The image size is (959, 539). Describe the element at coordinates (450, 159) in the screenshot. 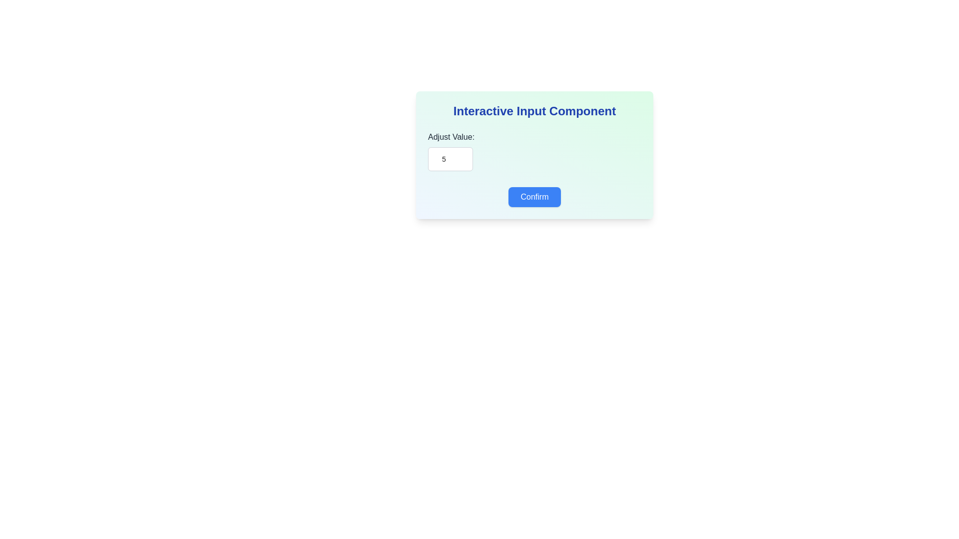

I see `the numeric input field displaying the number '5' to focus on it` at that location.